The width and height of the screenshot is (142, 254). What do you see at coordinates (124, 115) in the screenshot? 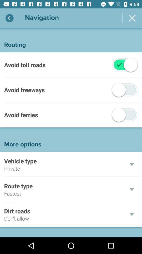
I see `the button next to the text avoid ferries` at bounding box center [124, 115].